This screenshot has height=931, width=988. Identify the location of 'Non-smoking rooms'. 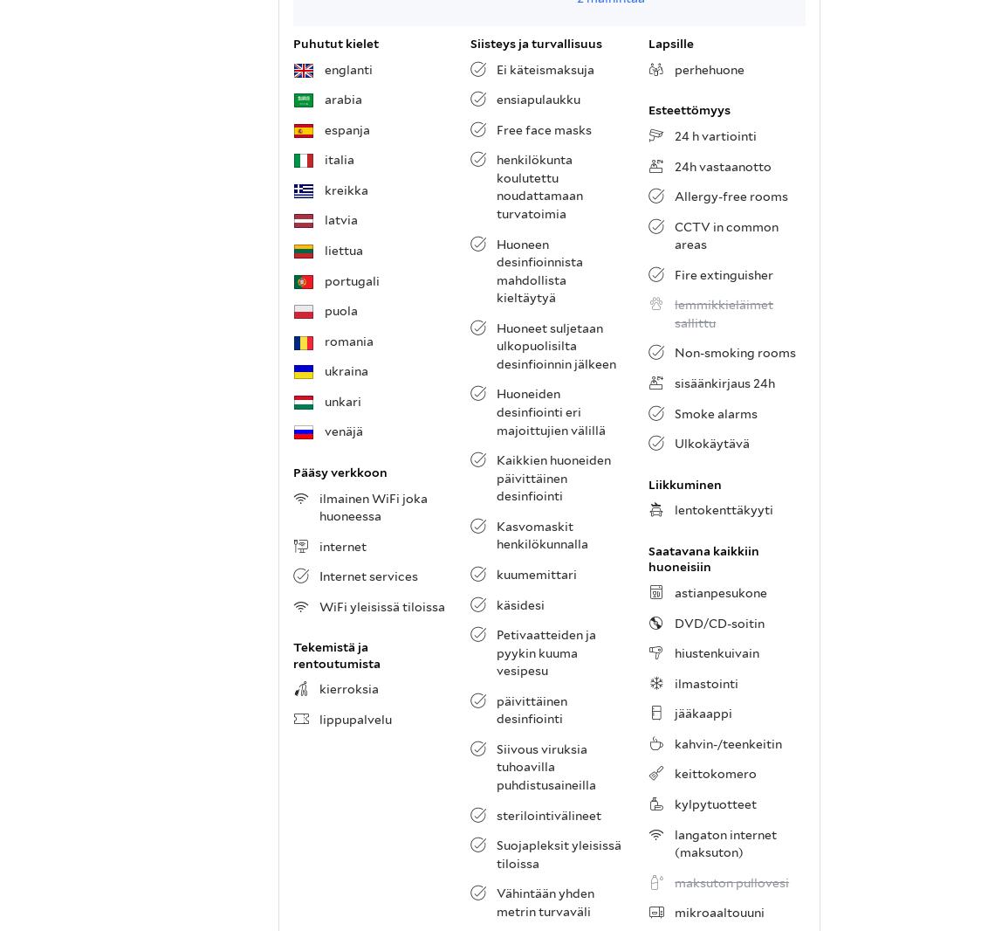
(735, 353).